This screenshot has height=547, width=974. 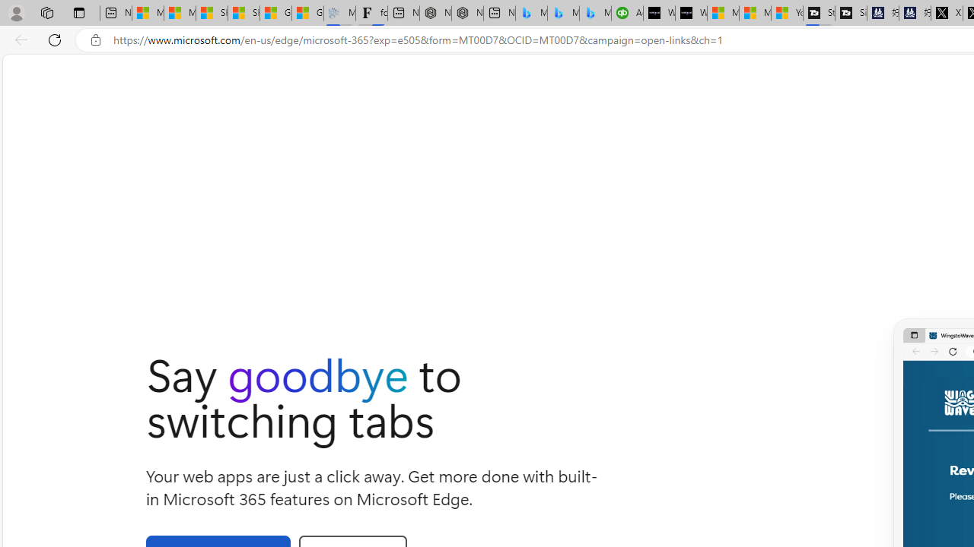 I want to click on 'Accounting Software for Accountants, CPAs and Bookkeepers', so click(x=627, y=13).